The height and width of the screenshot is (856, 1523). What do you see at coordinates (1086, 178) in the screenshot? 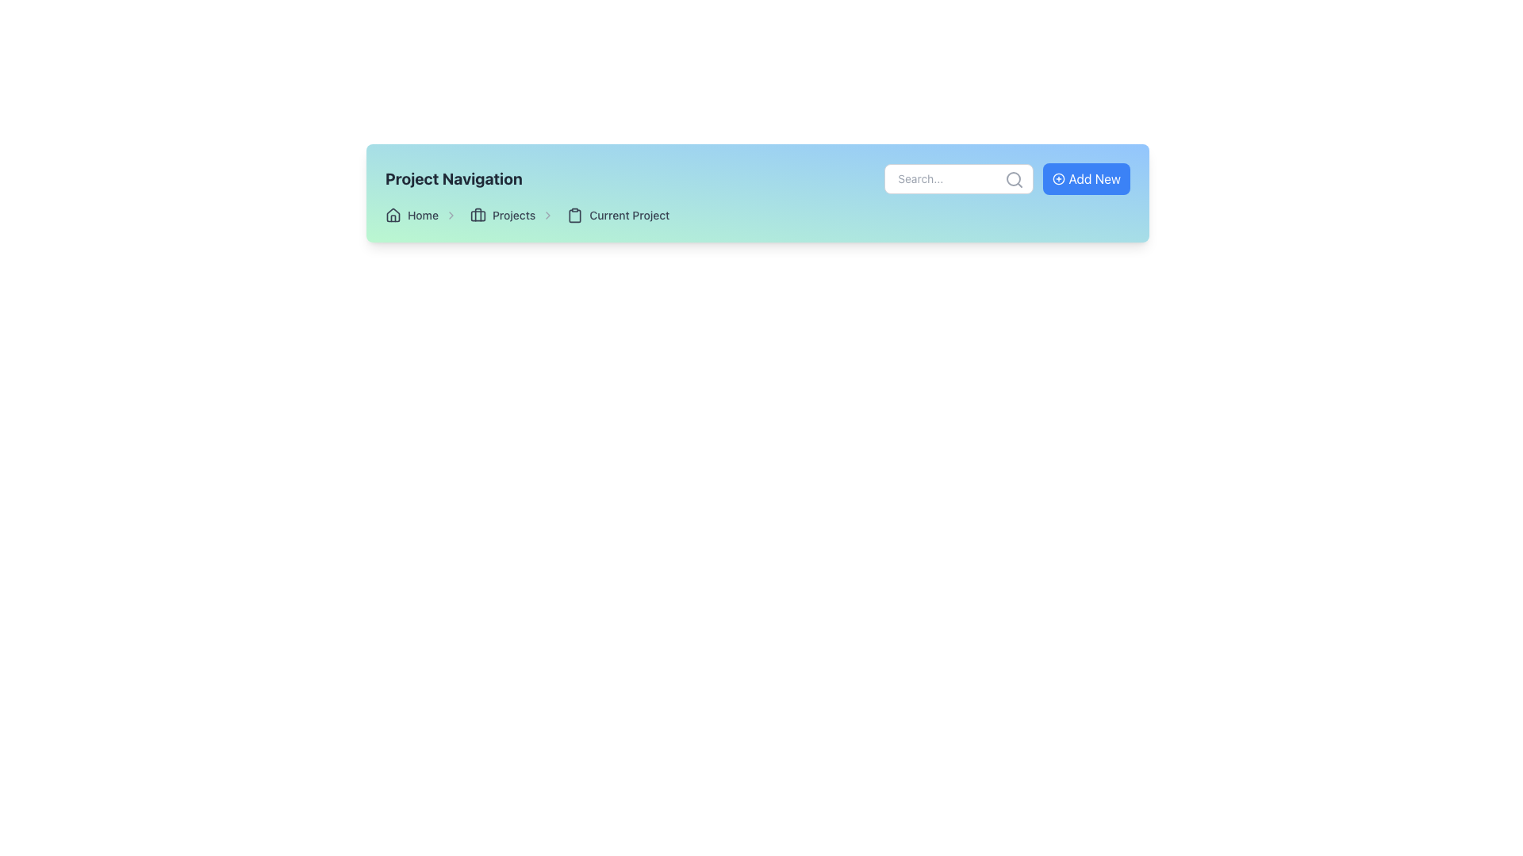
I see `the 'Add New Item' button located at the far right of the horizontal toolbar to observe the hover effect` at bounding box center [1086, 178].